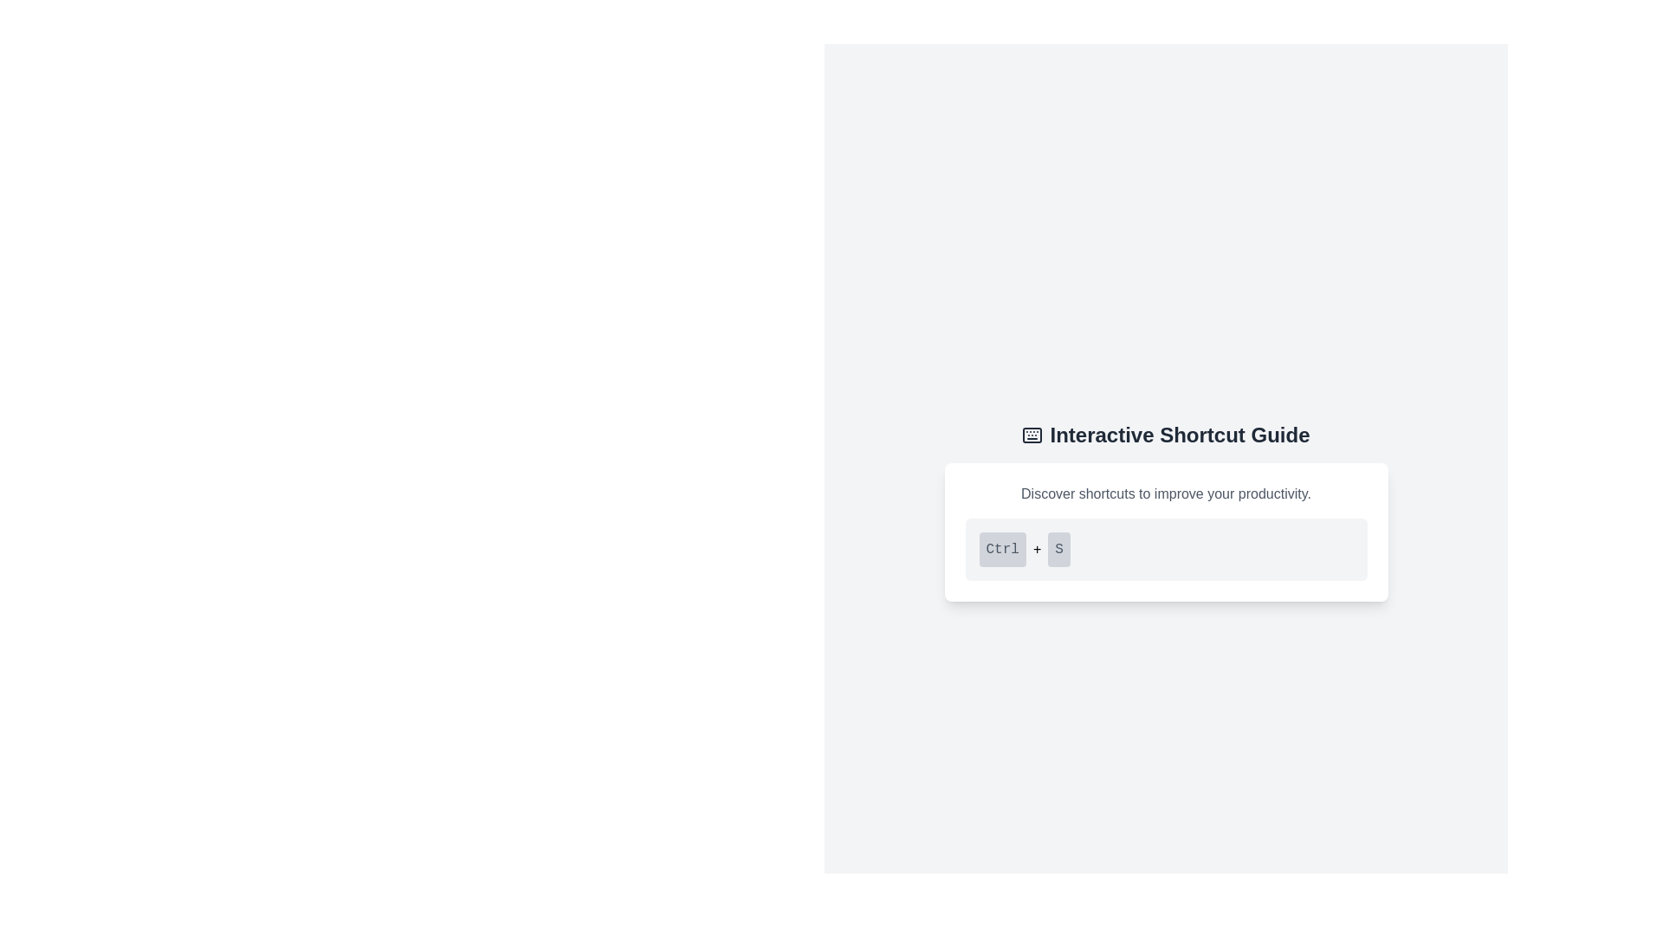  I want to click on the keyboard shortcut display element representing the key 'S', which is positioned to the right of the 'Ctrl' key, so click(1058, 550).